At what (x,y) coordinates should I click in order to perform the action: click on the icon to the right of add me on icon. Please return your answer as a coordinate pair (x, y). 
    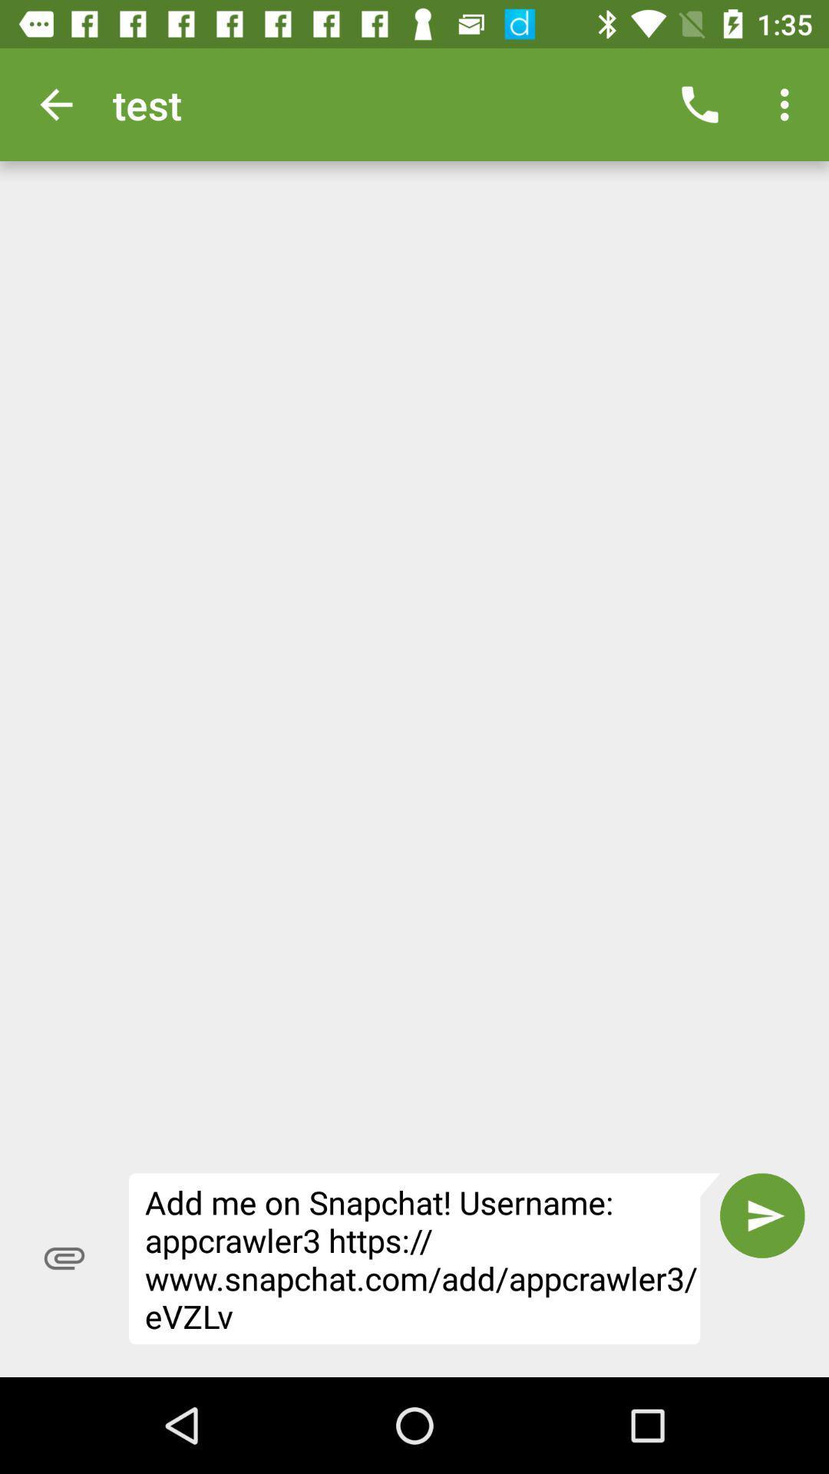
    Looking at the image, I should click on (762, 1215).